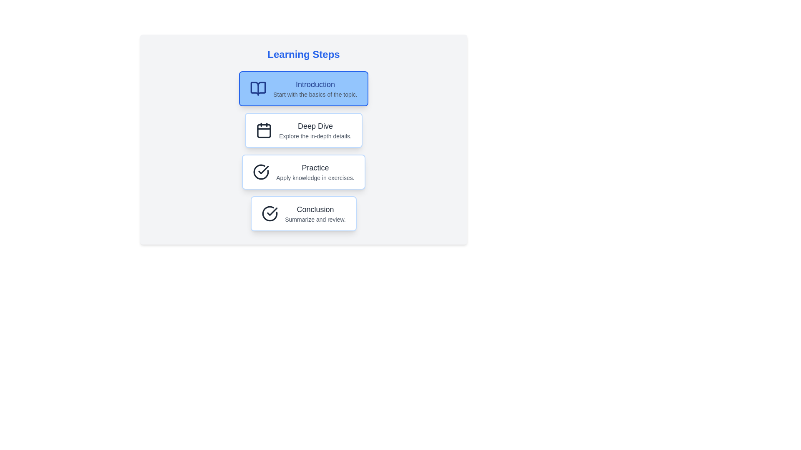 The height and width of the screenshot is (450, 801). I want to click on the 'Introduction' icon located at the center-left of the highlighted section labeled 'Introduction', positioned above three similar sections, so click(258, 88).